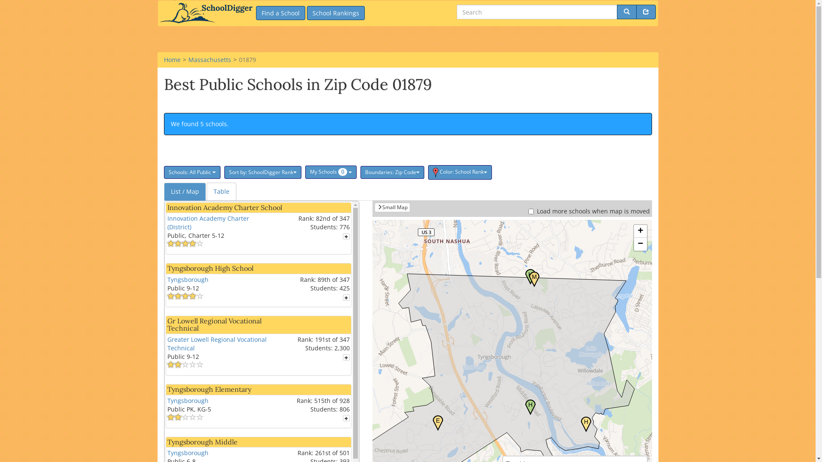 Image resolution: width=822 pixels, height=462 pixels. What do you see at coordinates (206, 191) in the screenshot?
I see `'Table'` at bounding box center [206, 191].